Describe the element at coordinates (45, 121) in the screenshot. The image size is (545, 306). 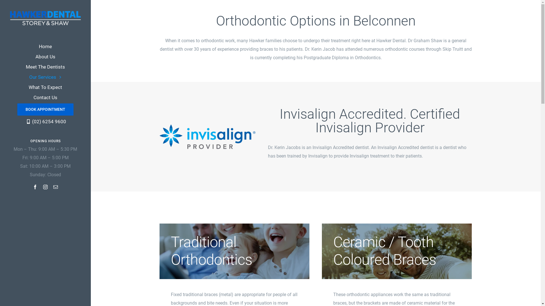
I see `'(02) 6254 9600'` at that location.